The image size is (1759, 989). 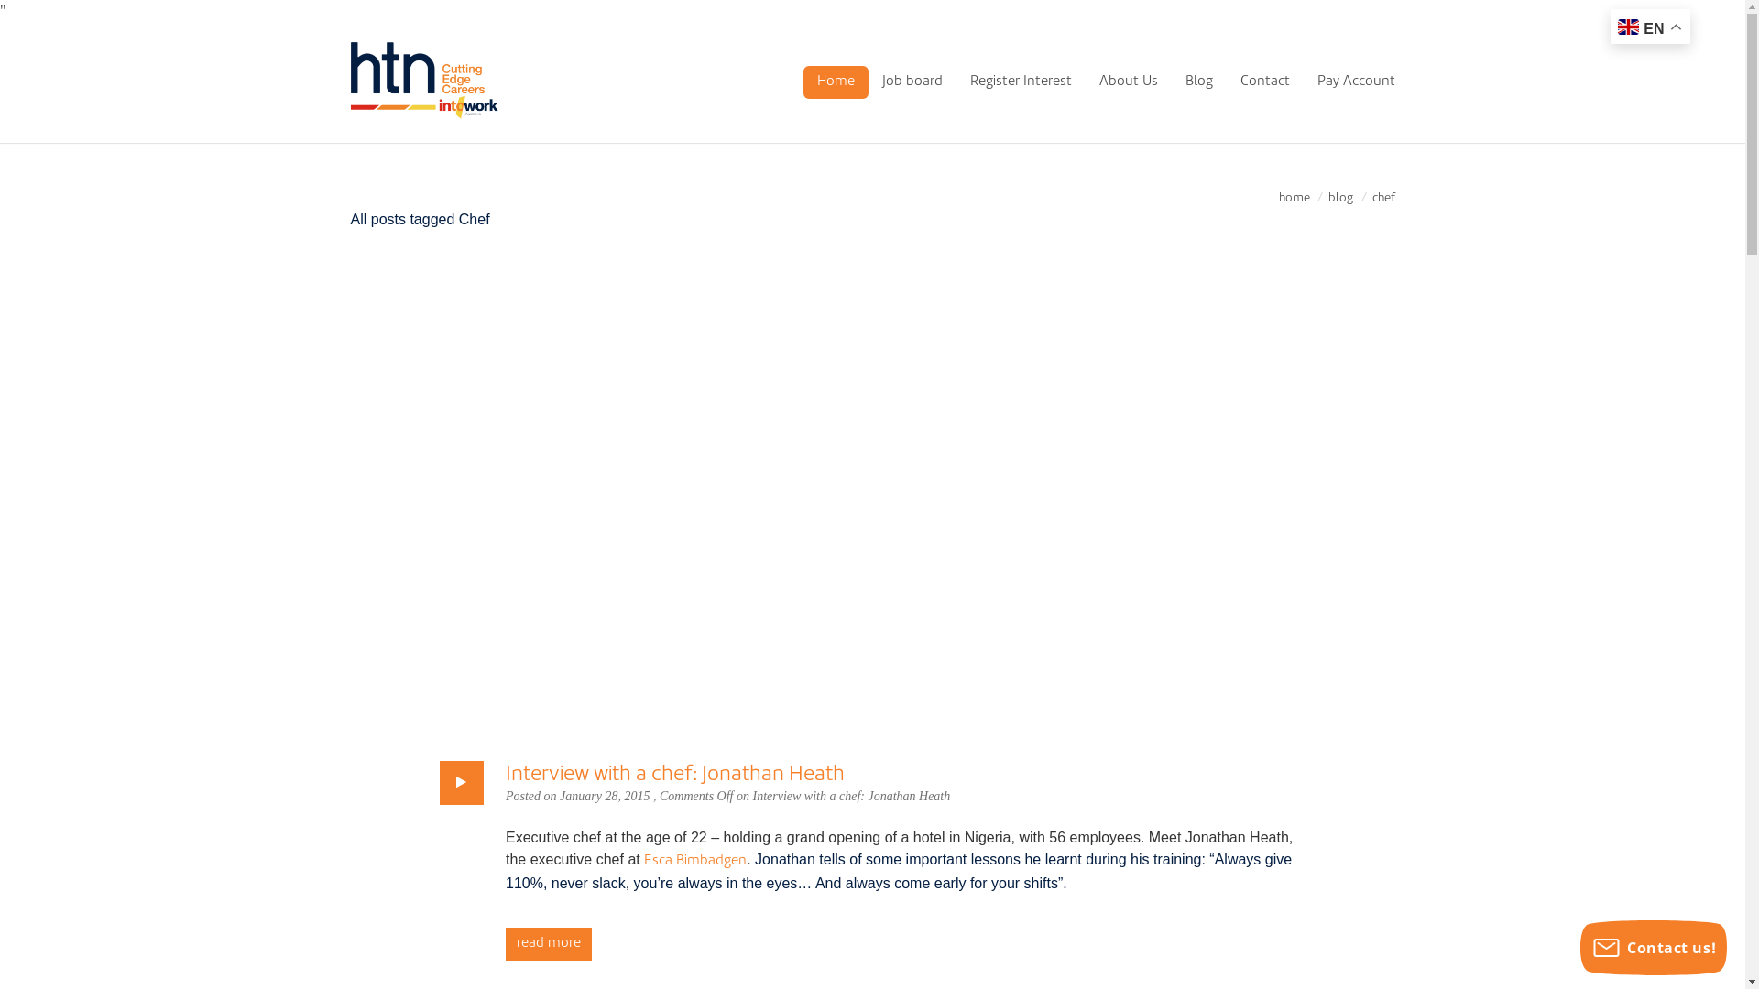 I want to click on 'Blog', so click(x=1198, y=81).